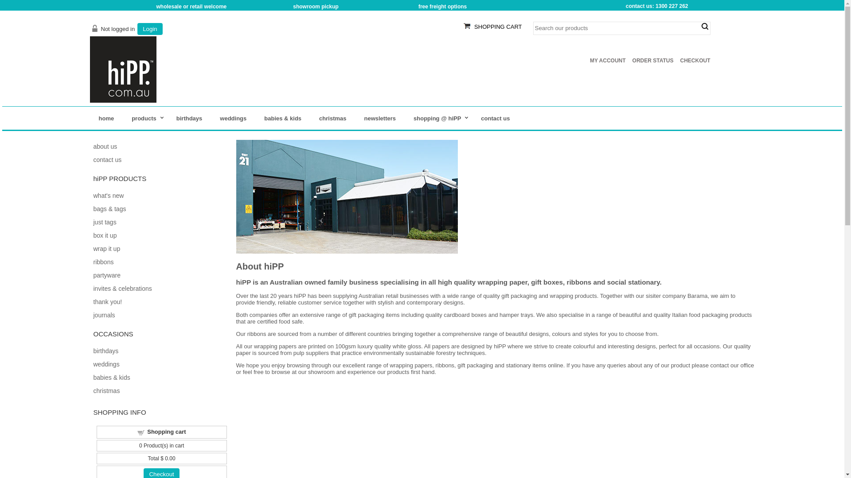 Image resolution: width=851 pixels, height=478 pixels. Describe the element at coordinates (108, 195) in the screenshot. I see `'what's new'` at that location.